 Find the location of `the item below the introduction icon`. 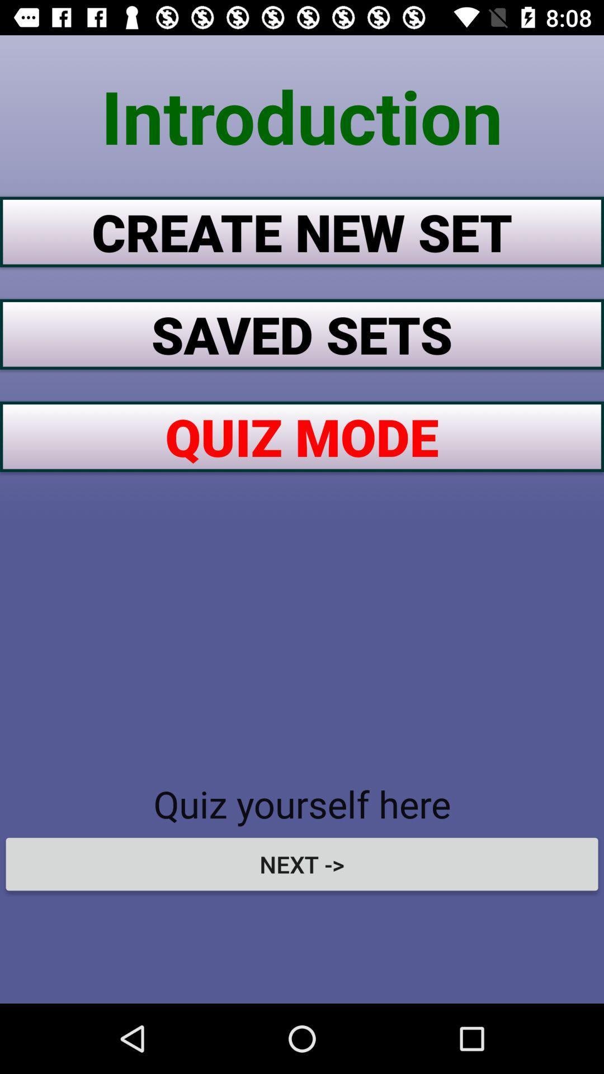

the item below the introduction icon is located at coordinates (302, 231).